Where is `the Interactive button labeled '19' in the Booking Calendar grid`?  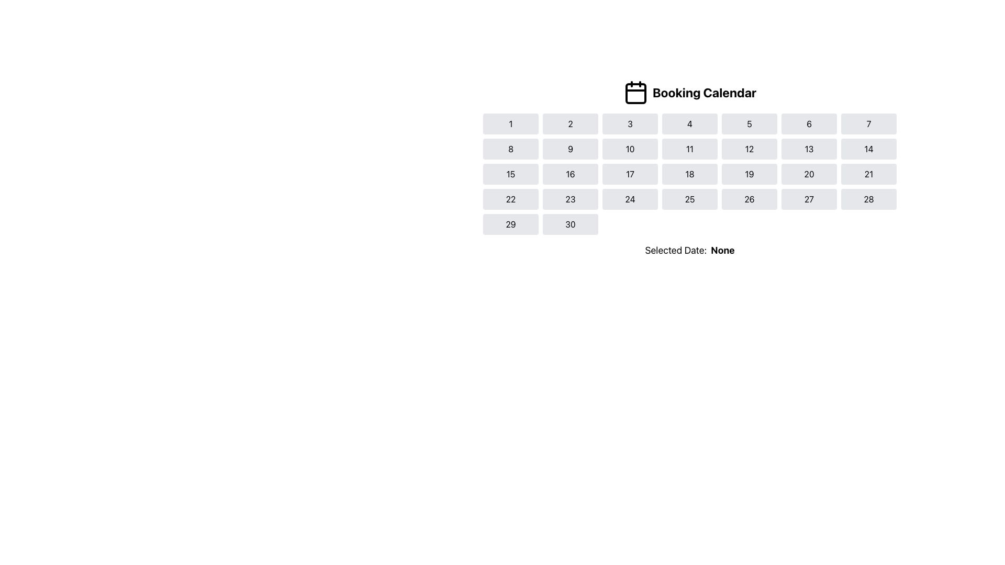 the Interactive button labeled '19' in the Booking Calendar grid is located at coordinates (749, 173).